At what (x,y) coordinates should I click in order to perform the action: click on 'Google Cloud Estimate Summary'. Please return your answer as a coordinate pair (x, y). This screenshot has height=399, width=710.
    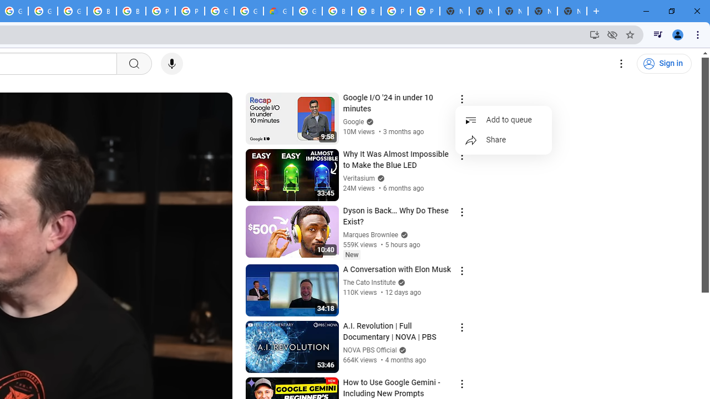
    Looking at the image, I should click on (278, 11).